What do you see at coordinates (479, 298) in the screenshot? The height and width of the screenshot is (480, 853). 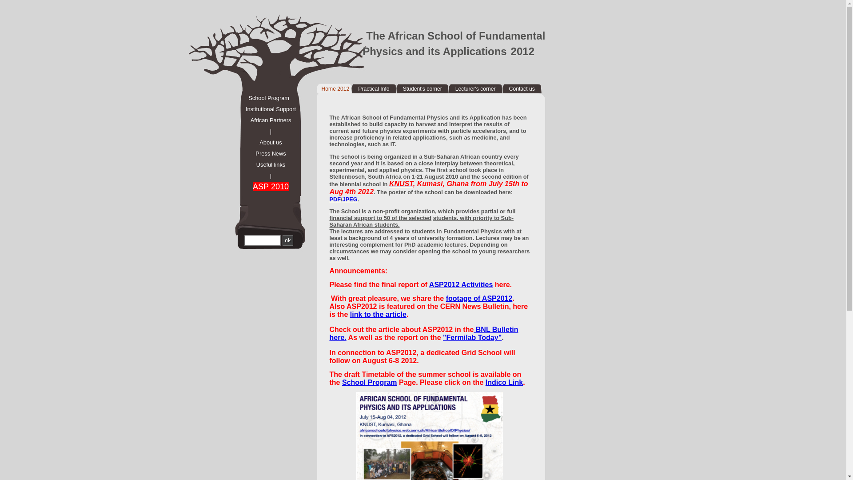 I see `'footage of ASP2012'` at bounding box center [479, 298].